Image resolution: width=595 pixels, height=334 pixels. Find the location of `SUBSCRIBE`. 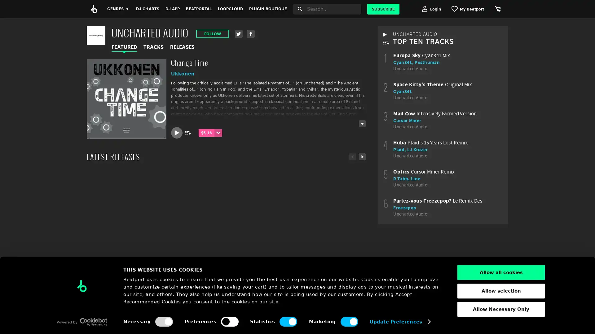

SUBSCRIBE is located at coordinates (383, 9).